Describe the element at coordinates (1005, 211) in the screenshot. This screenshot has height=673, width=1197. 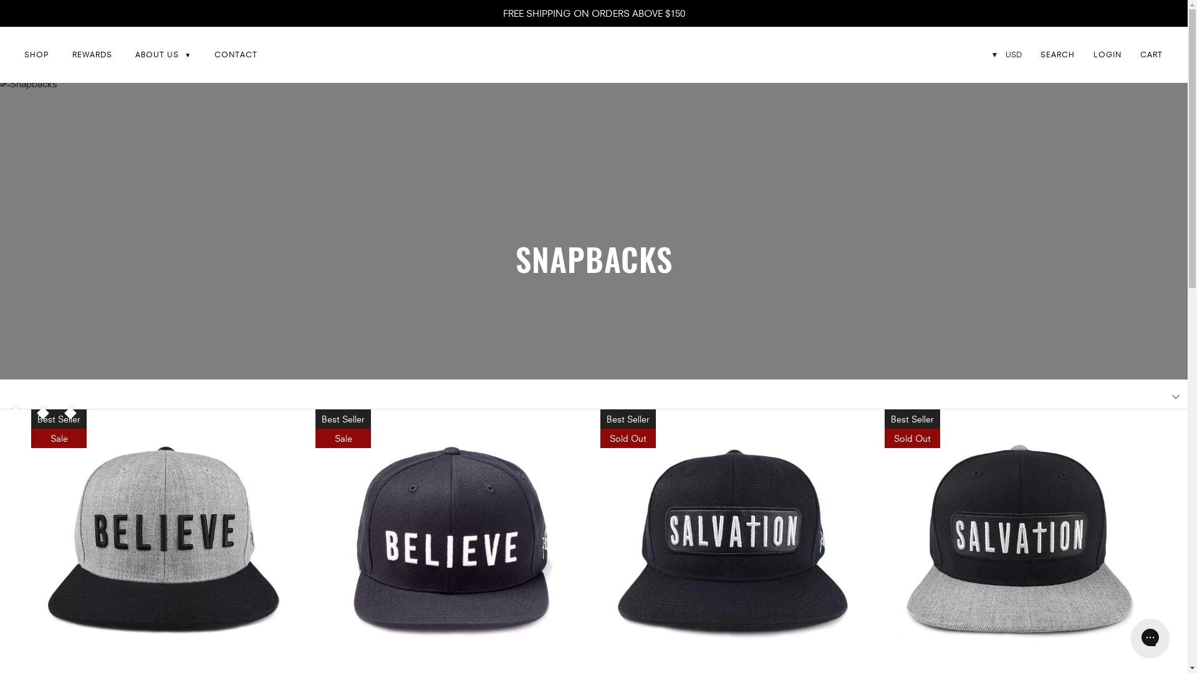
I see `'JPY'` at that location.